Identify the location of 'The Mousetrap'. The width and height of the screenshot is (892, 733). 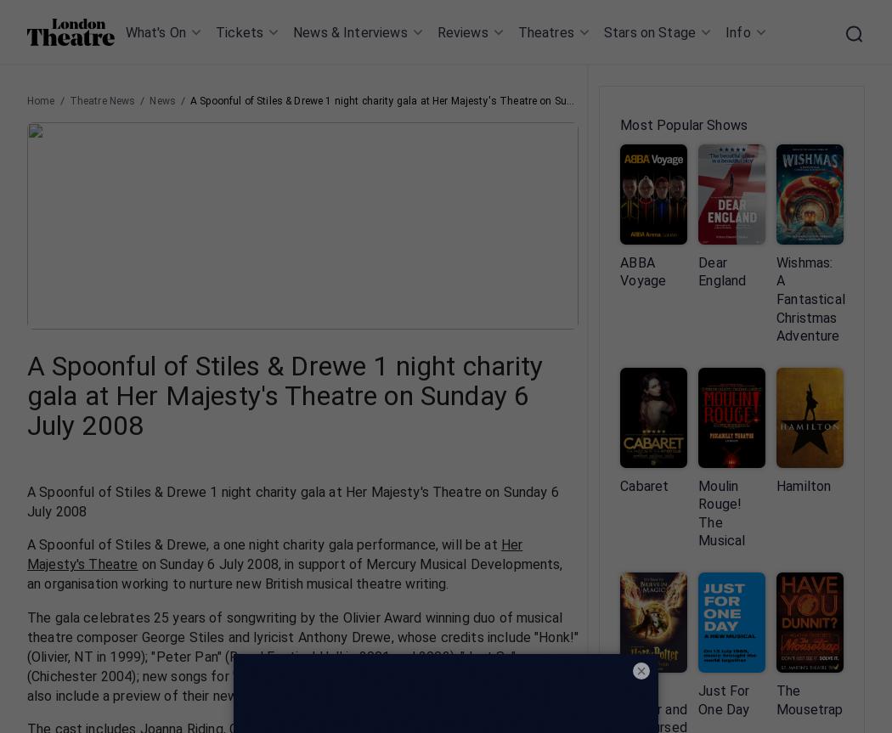
(808, 698).